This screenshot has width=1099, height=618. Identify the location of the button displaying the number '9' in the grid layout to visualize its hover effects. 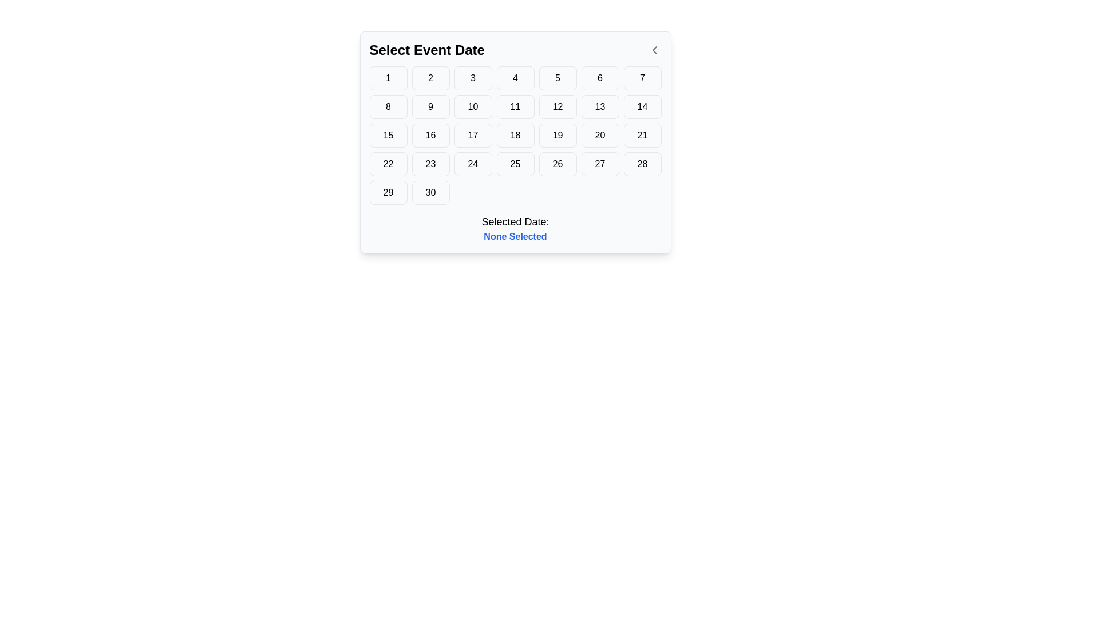
(430, 106).